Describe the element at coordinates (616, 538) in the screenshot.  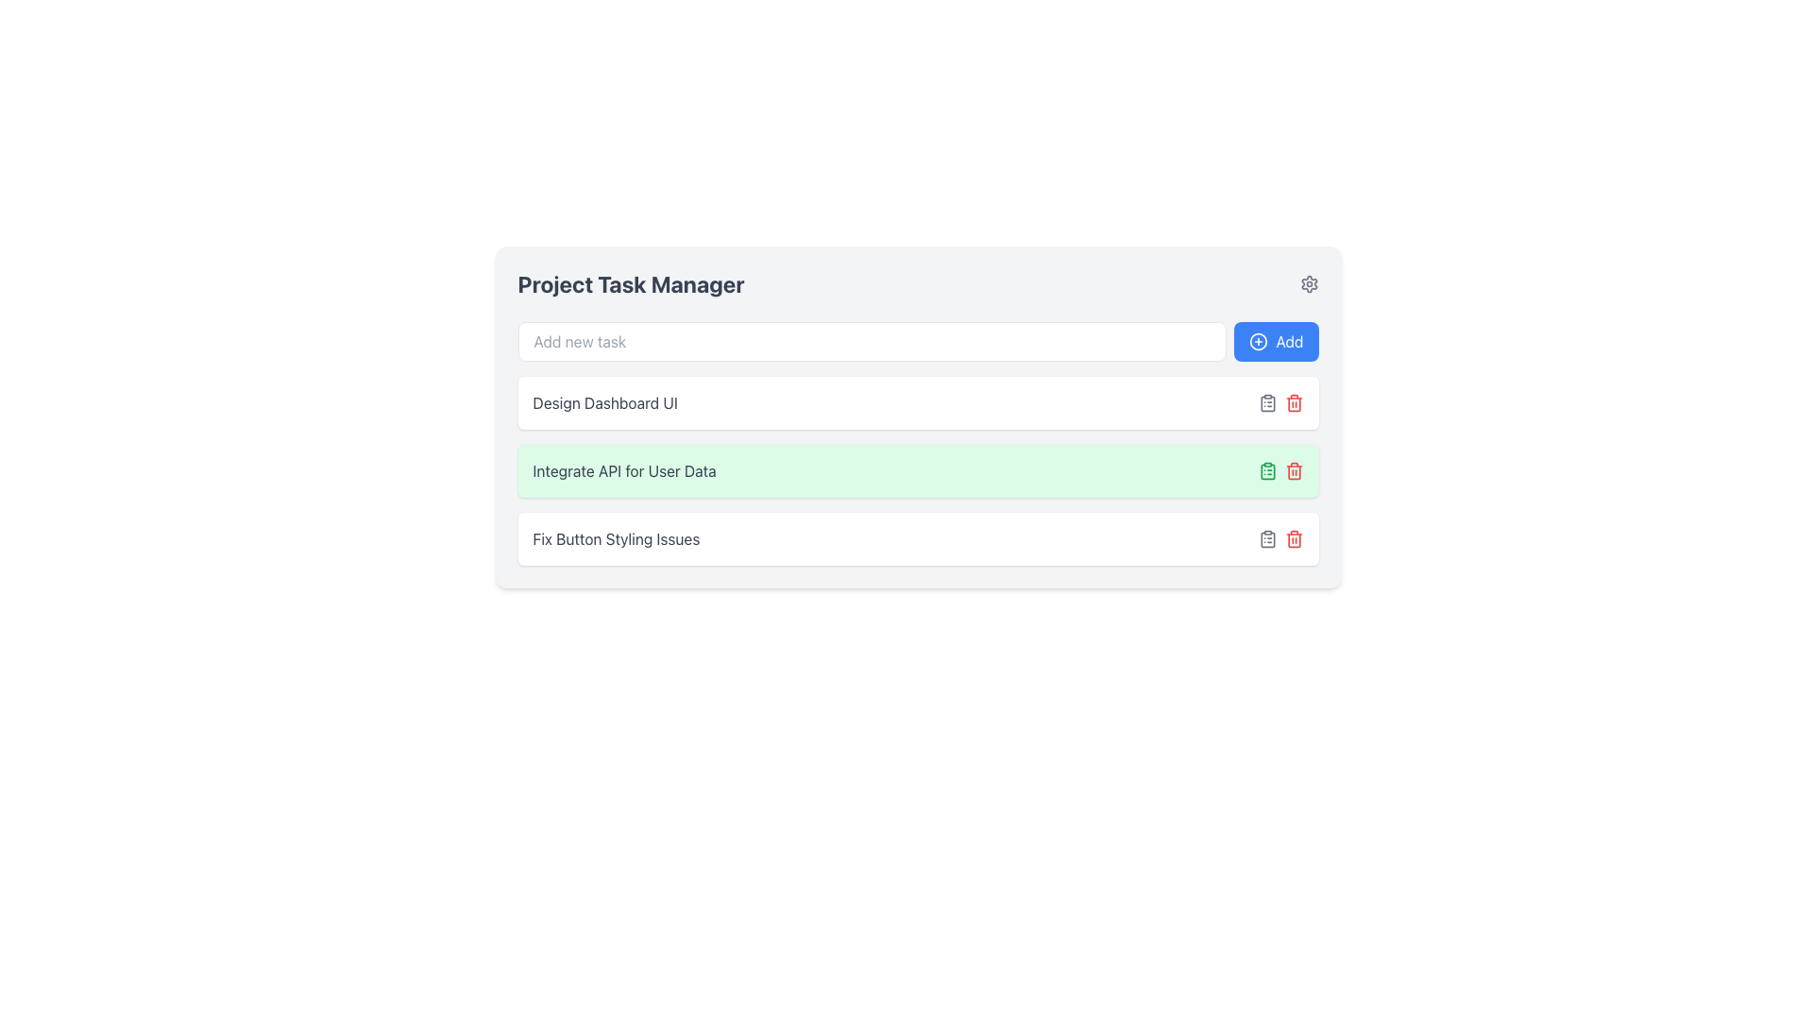
I see `the text label indicating the name or description of a task in the project management card, located at the lower part of the card and to the left of other elements` at that location.